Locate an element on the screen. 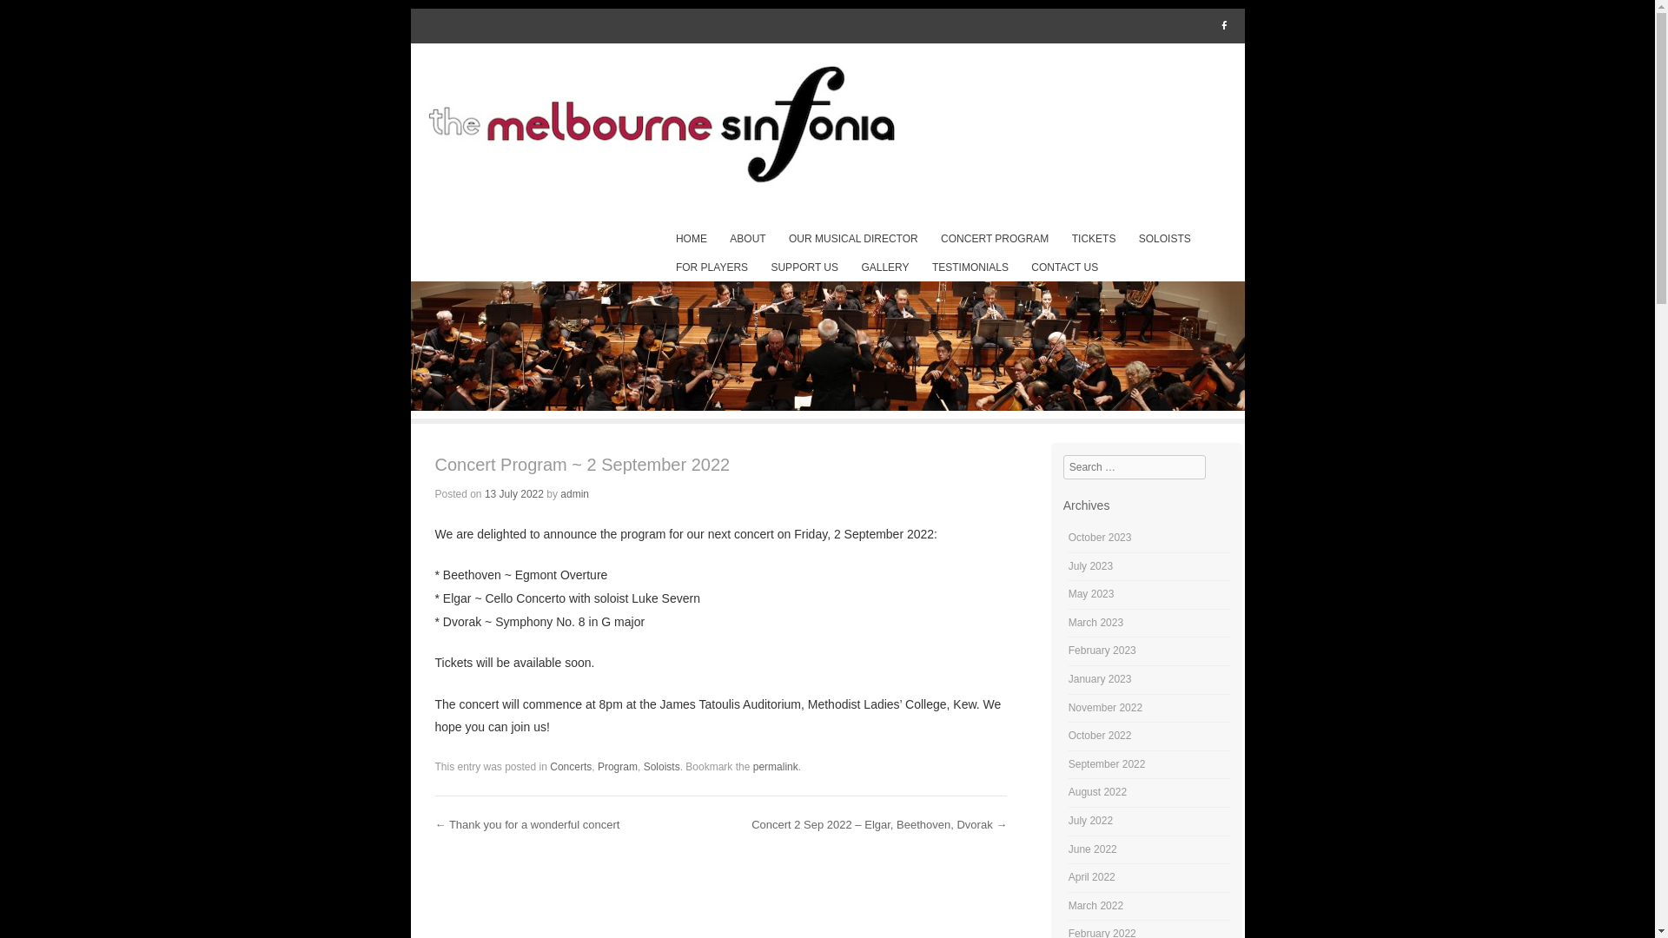  'SUPPORT US' is located at coordinates (763, 268).